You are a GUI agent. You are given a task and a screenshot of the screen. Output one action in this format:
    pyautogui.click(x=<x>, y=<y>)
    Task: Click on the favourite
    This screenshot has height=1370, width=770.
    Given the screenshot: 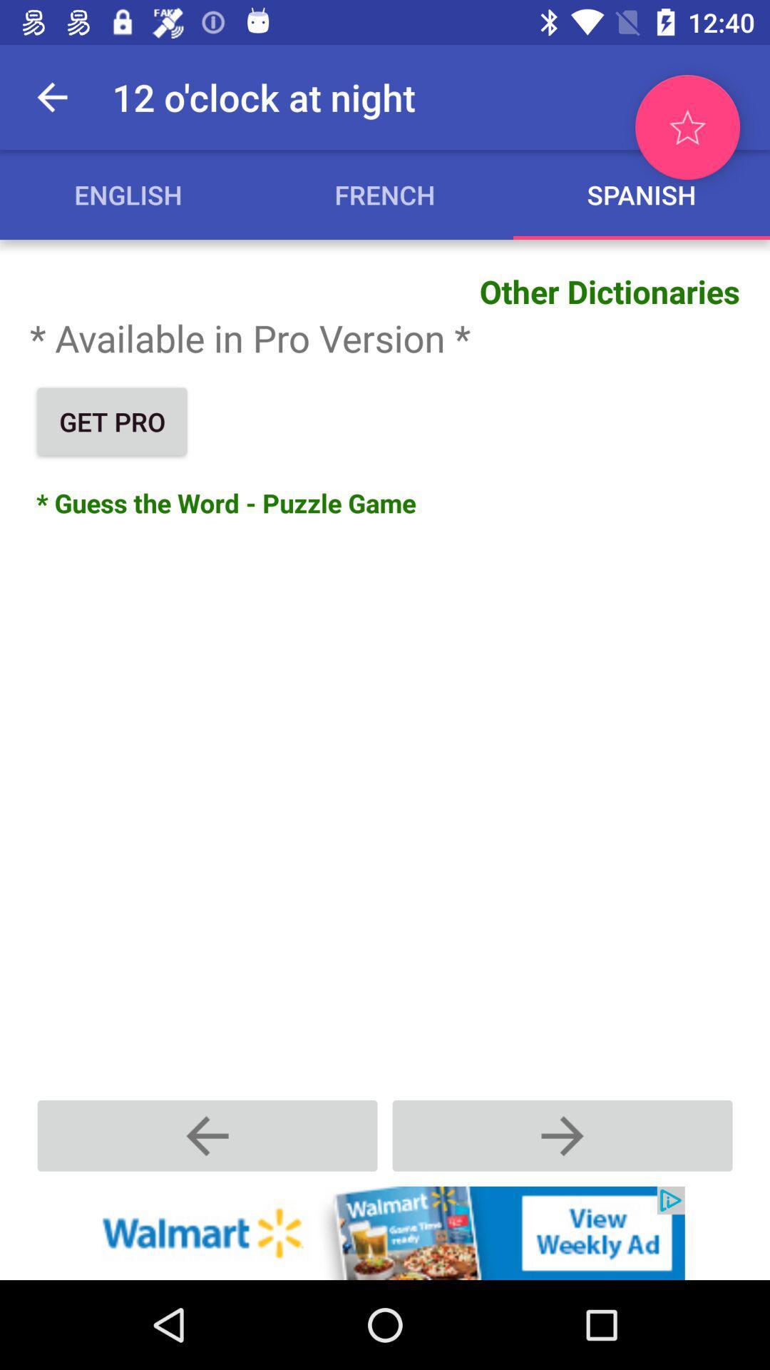 What is the action you would take?
    pyautogui.click(x=687, y=127)
    